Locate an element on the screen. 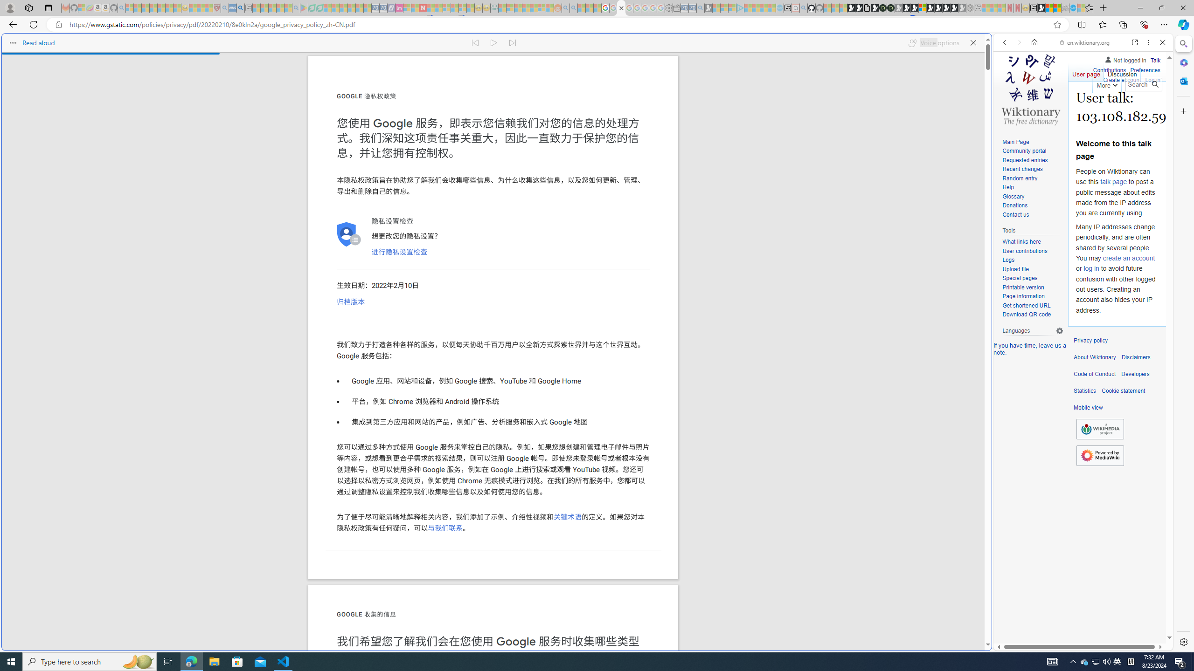 The width and height of the screenshot is (1194, 671). 'Language settings' is located at coordinates (1059, 330).